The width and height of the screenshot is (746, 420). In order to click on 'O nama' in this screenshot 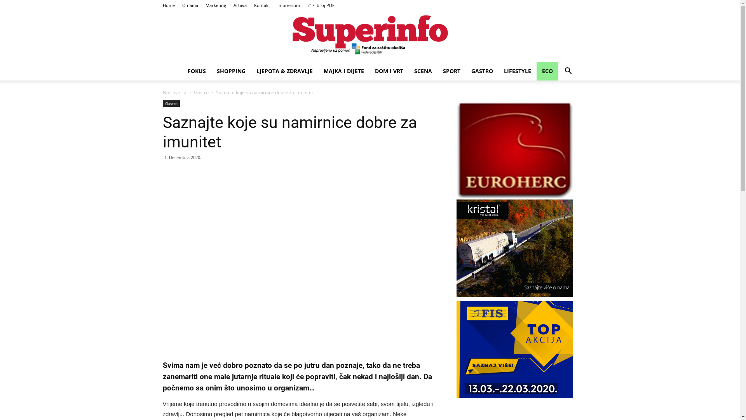, I will do `click(190, 5)`.